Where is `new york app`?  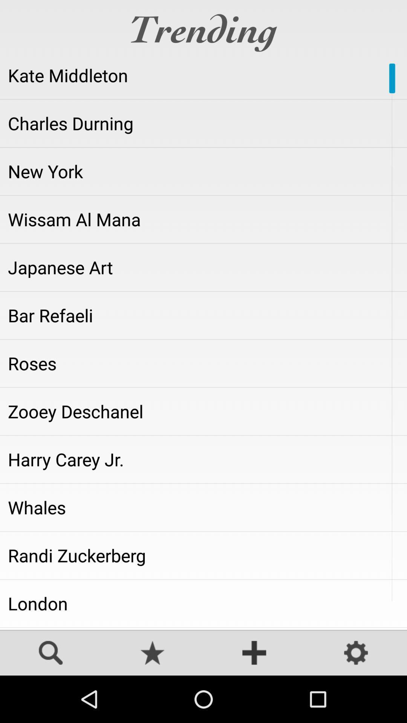 new york app is located at coordinates (203, 171).